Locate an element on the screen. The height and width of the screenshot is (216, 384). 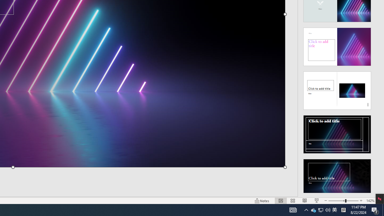
'Q2790: 100%' is located at coordinates (328, 209).